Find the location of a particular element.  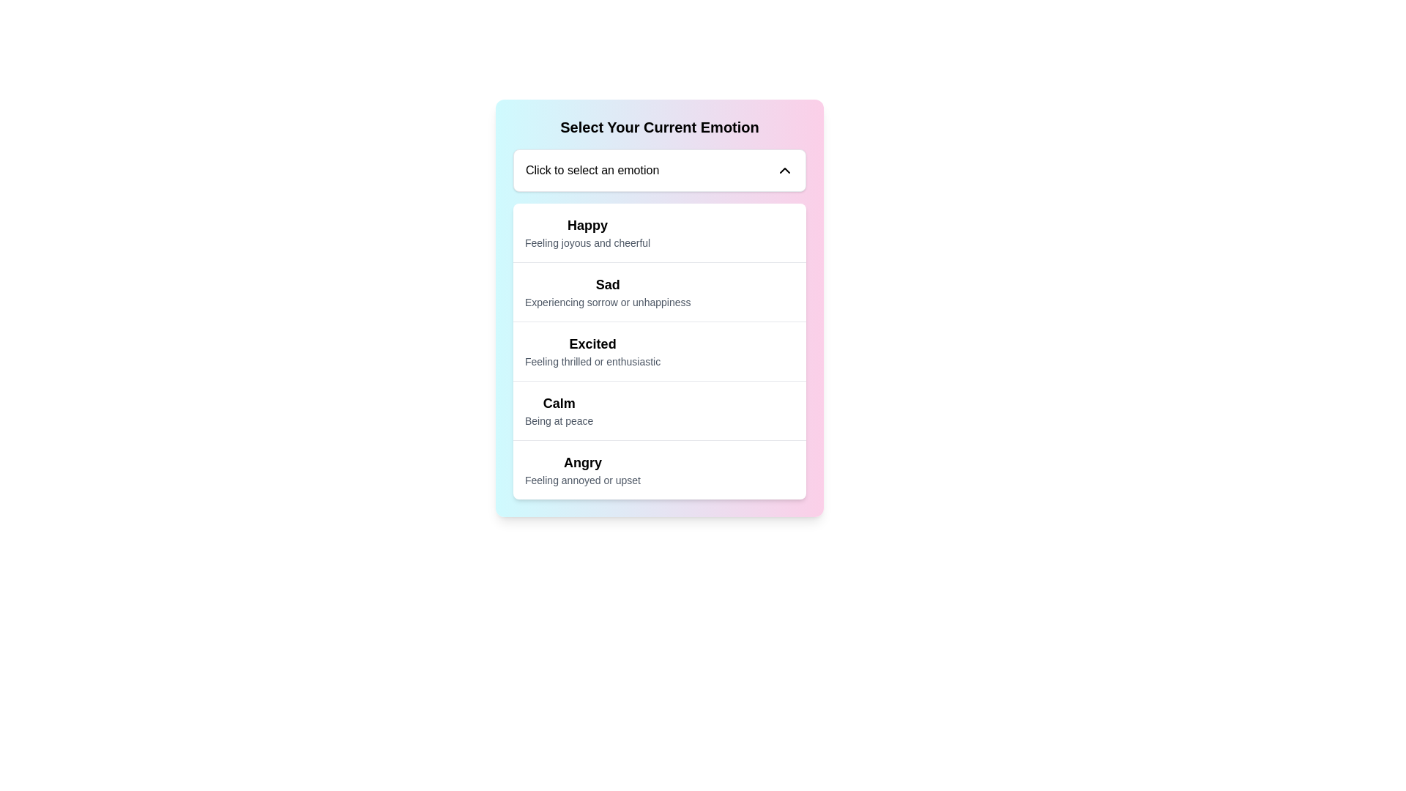

the first item in the emotion selection list, positioned directly below the 'Select Your Current Emotion' dropdown is located at coordinates (659, 231).